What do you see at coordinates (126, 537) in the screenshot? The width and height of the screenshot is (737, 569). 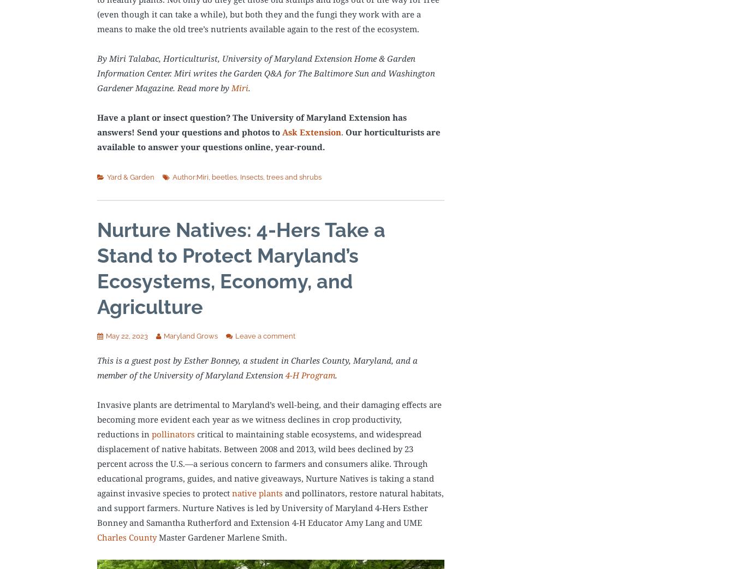 I see `'Charles County'` at bounding box center [126, 537].